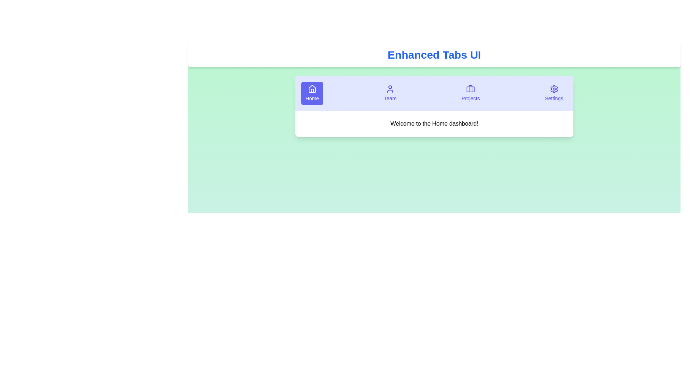  I want to click on the rectangular SVG graphic element representing the briefcase icon within the Projects tab, so click(471, 89).